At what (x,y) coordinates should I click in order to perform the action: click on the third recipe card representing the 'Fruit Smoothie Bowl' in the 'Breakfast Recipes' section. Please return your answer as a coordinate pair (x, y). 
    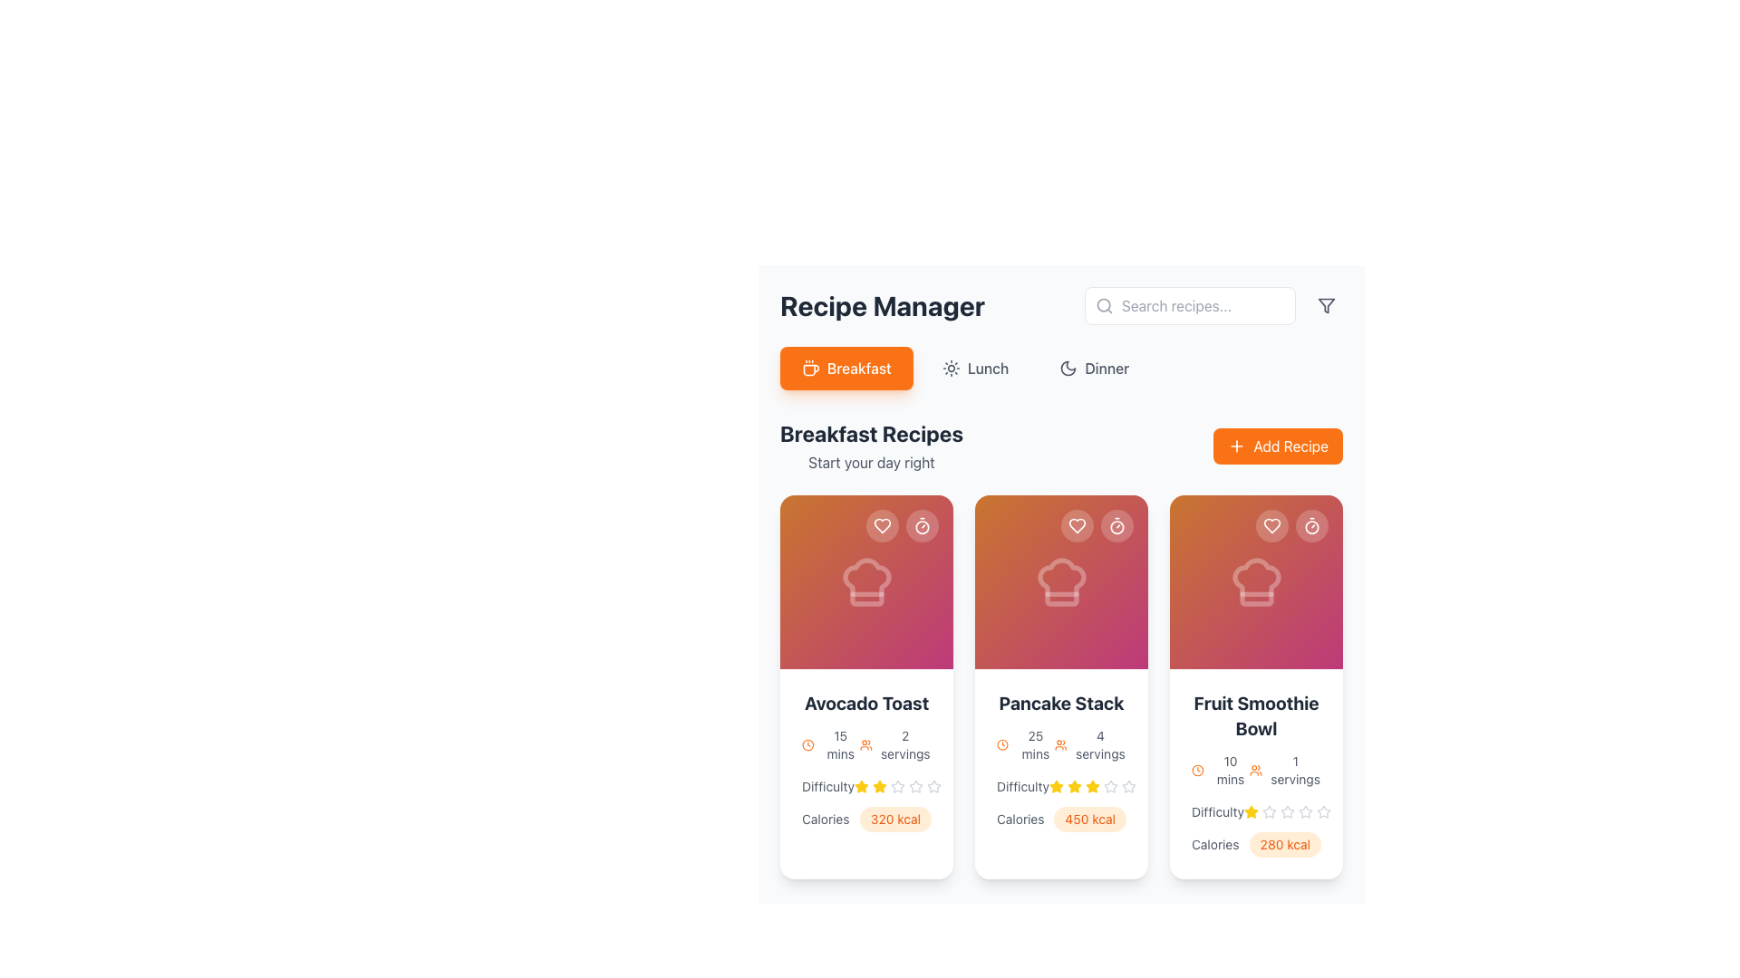
    Looking at the image, I should click on (1255, 687).